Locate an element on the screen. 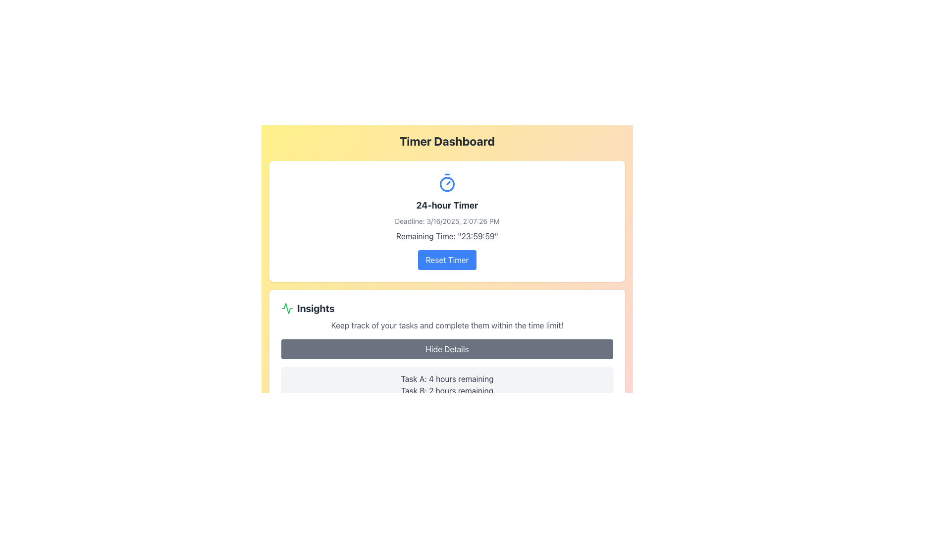 Image resolution: width=951 pixels, height=535 pixels. the text label displaying 'Deadline: 3/16/2025, 2:07:26 PM', which is positioned below the '24-hour Timer' title and above the 'Remaining Time: 23:59:59' text is located at coordinates (446, 221).